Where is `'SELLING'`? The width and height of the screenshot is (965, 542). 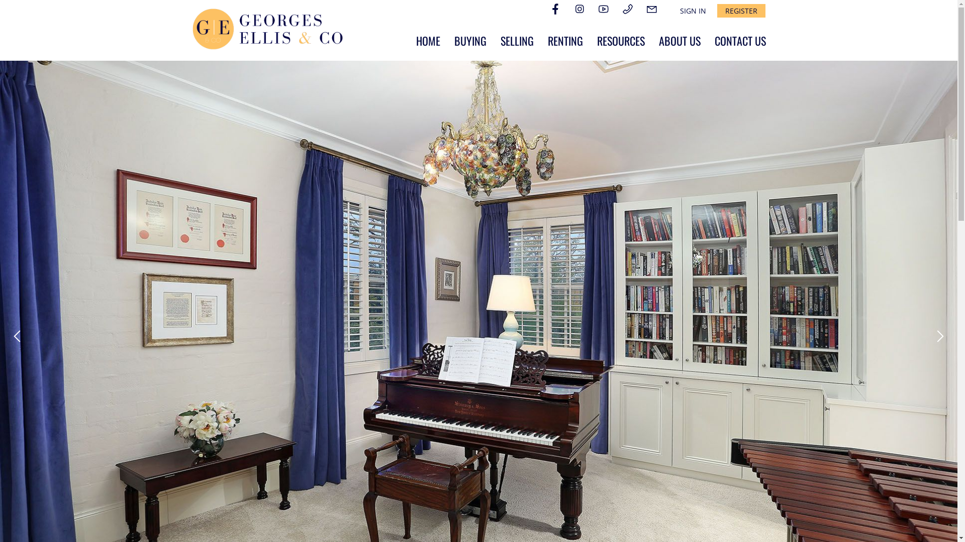
'SELLING' is located at coordinates (517, 40).